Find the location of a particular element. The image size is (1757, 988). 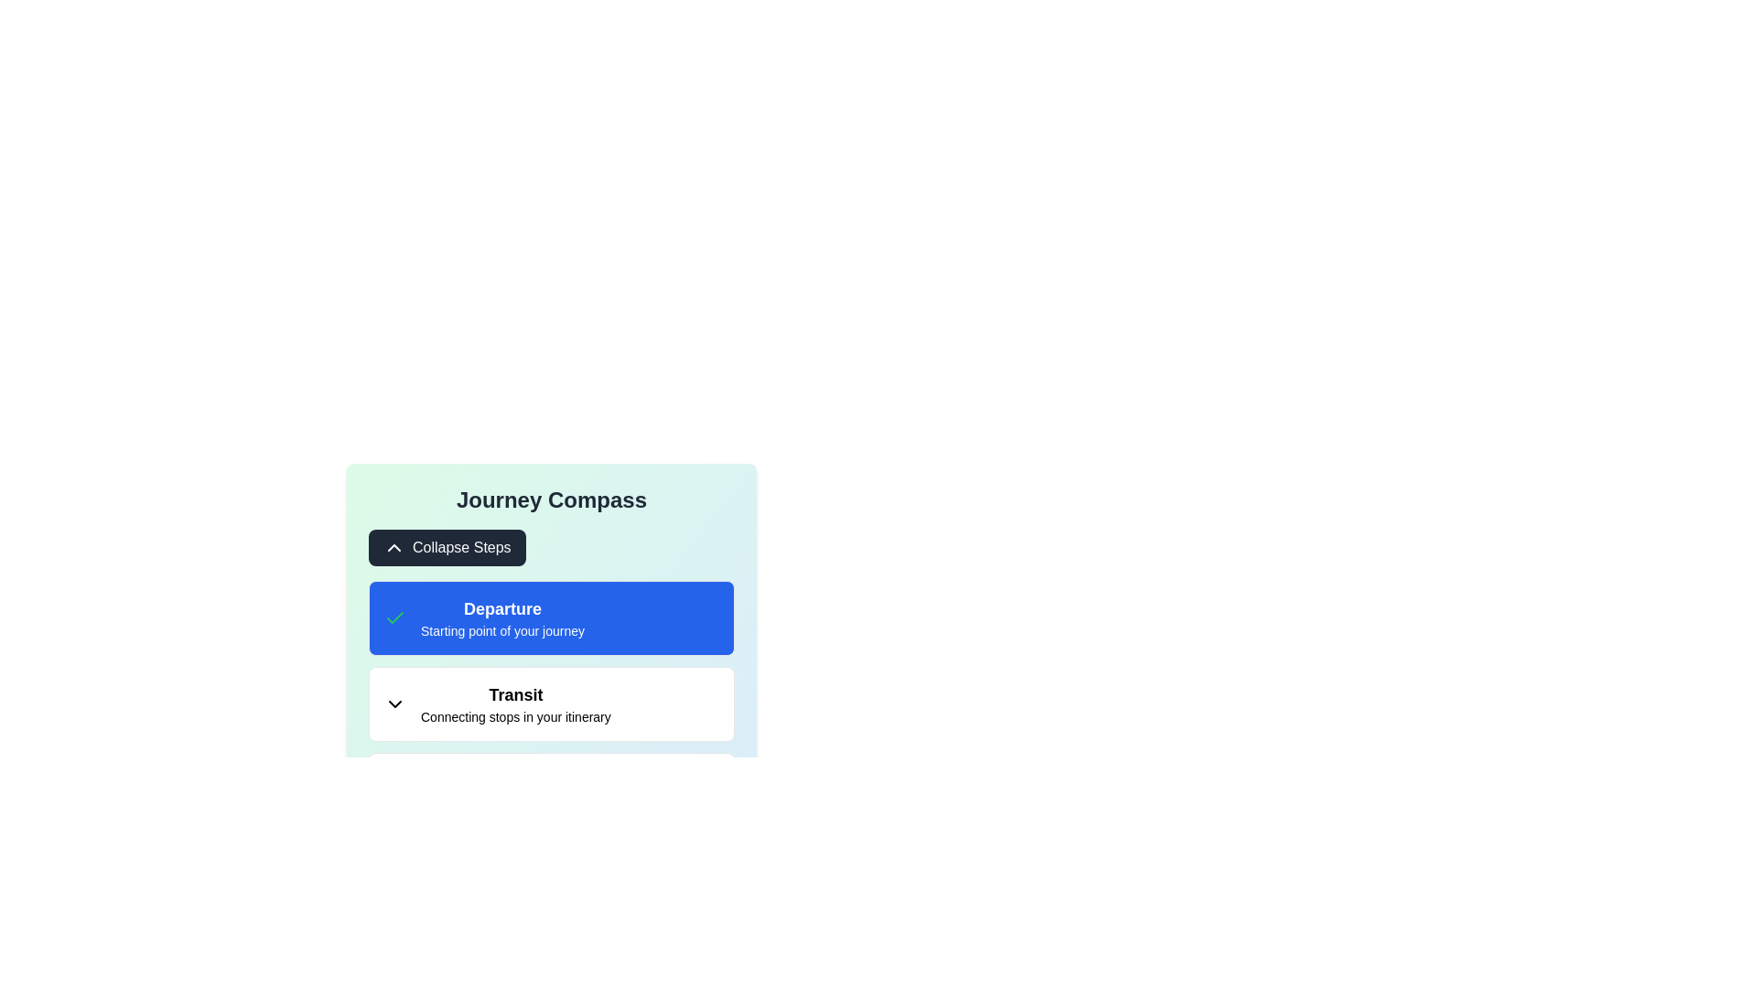

text content of the 'Departure' Step indicator button, which features a blue background, bold 'Departure' title, and subtitle 'Starting point of your journey' is located at coordinates (551, 617).